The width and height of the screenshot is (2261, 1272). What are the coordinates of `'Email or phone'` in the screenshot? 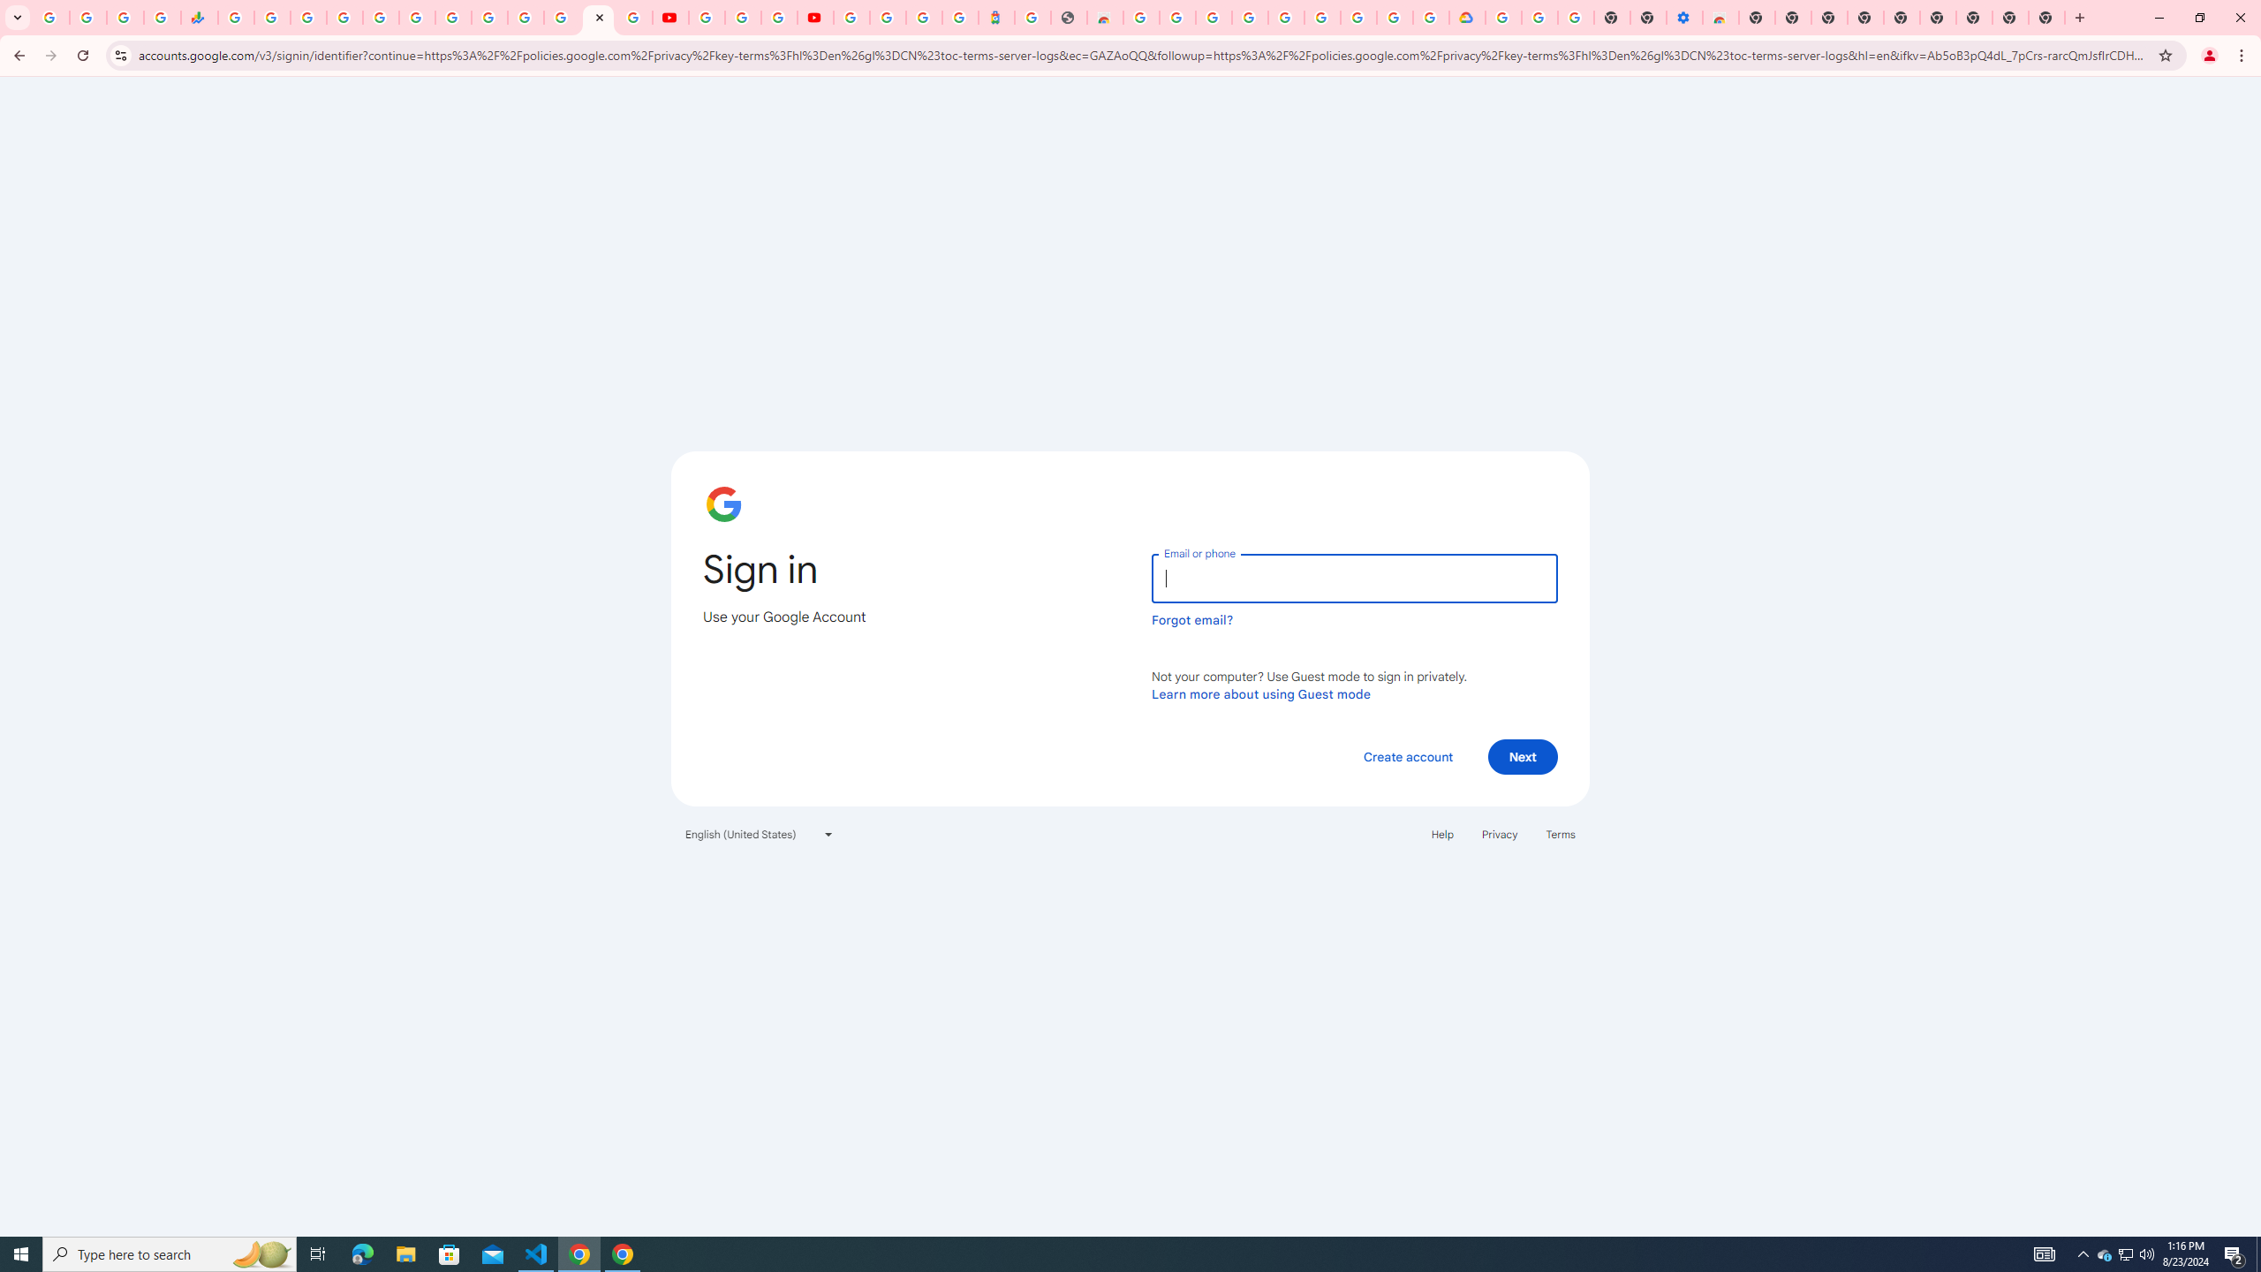 It's located at (1353, 578).